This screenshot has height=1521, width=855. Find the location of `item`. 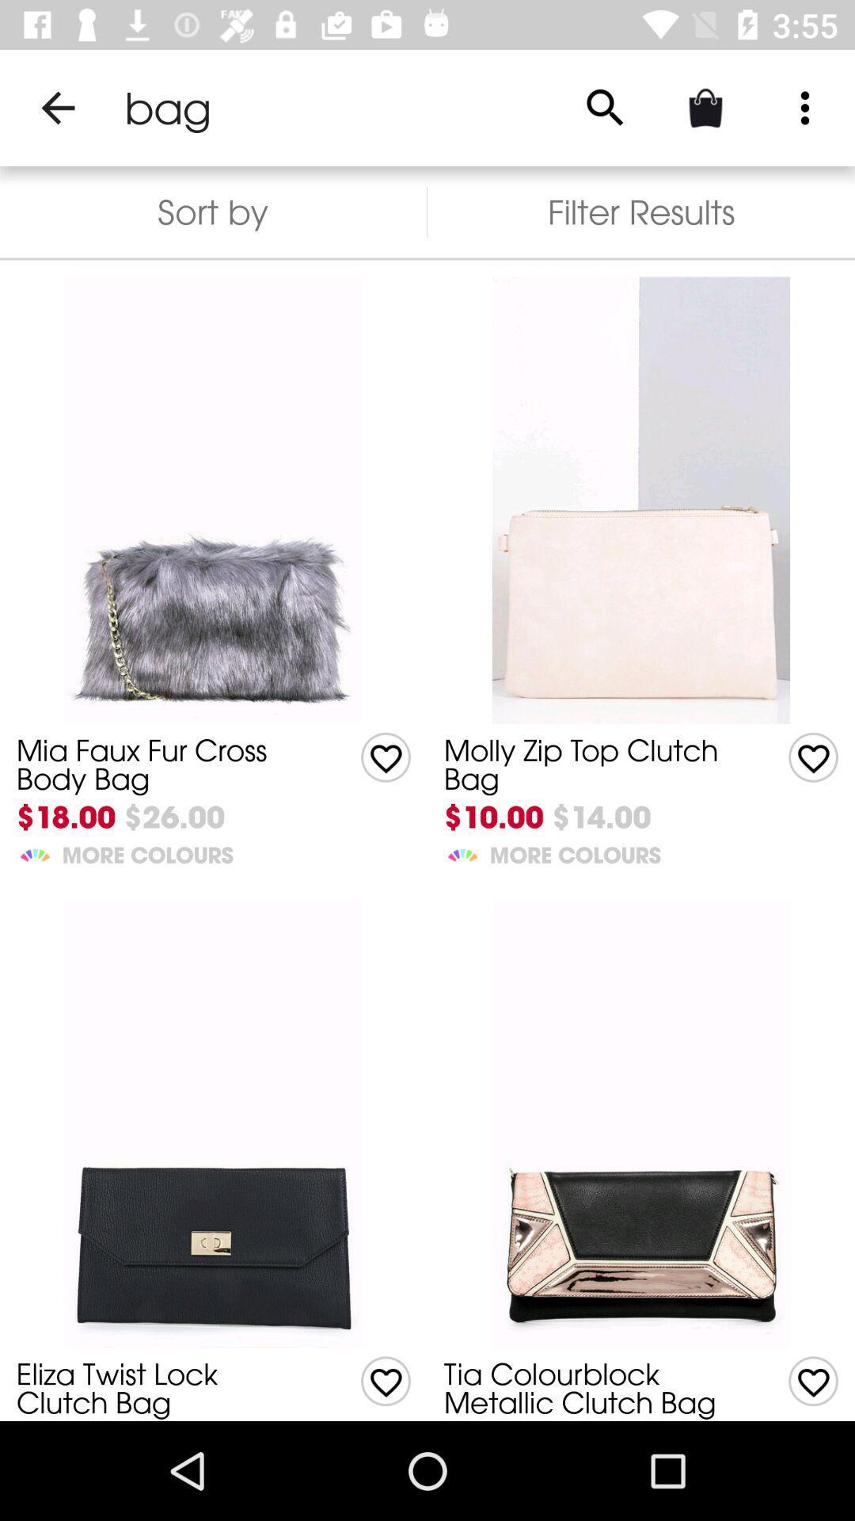

item is located at coordinates (386, 757).